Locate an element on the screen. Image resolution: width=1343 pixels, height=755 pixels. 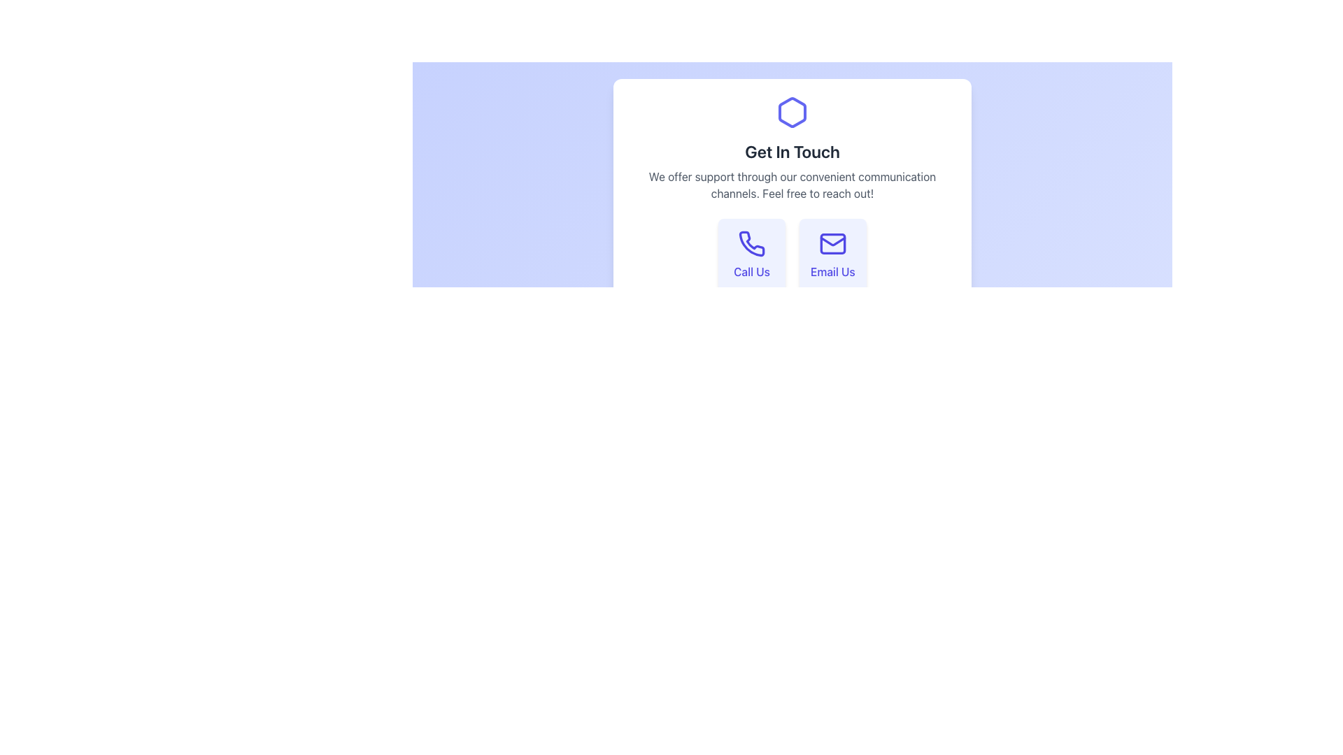
the static text label displaying 'Email Us' in indigo blue color, located beneath the envelope icon within the contact option card is located at coordinates (832, 272).